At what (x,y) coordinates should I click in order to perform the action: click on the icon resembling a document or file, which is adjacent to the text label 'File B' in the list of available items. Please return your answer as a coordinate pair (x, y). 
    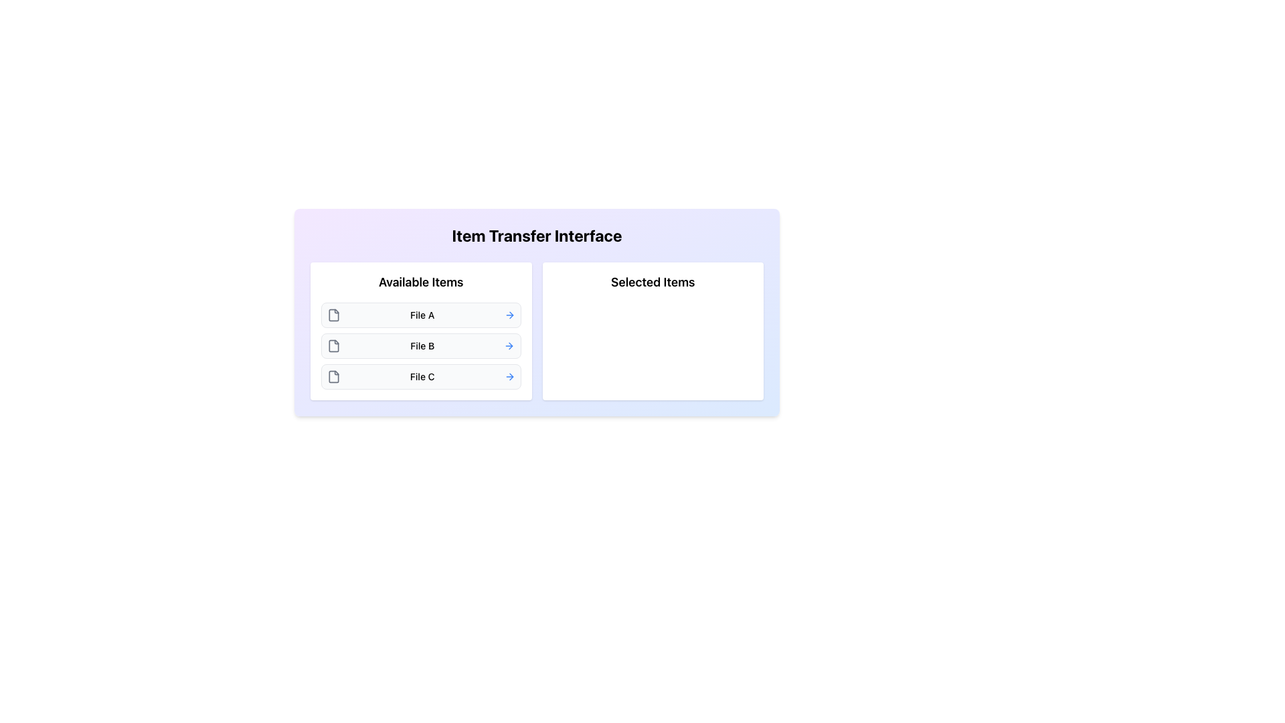
    Looking at the image, I should click on (334, 345).